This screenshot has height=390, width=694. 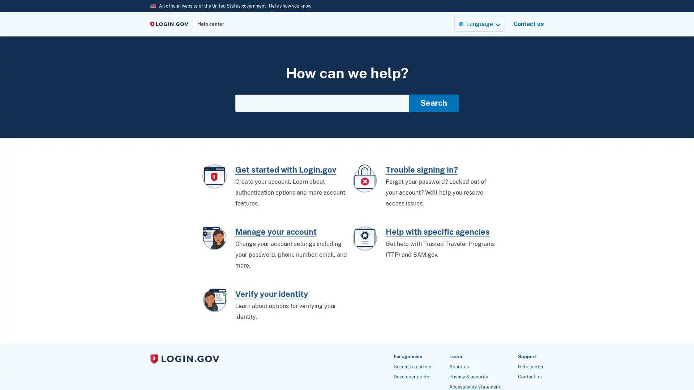 What do you see at coordinates (290, 6) in the screenshot?
I see `Heres how you know` at bounding box center [290, 6].